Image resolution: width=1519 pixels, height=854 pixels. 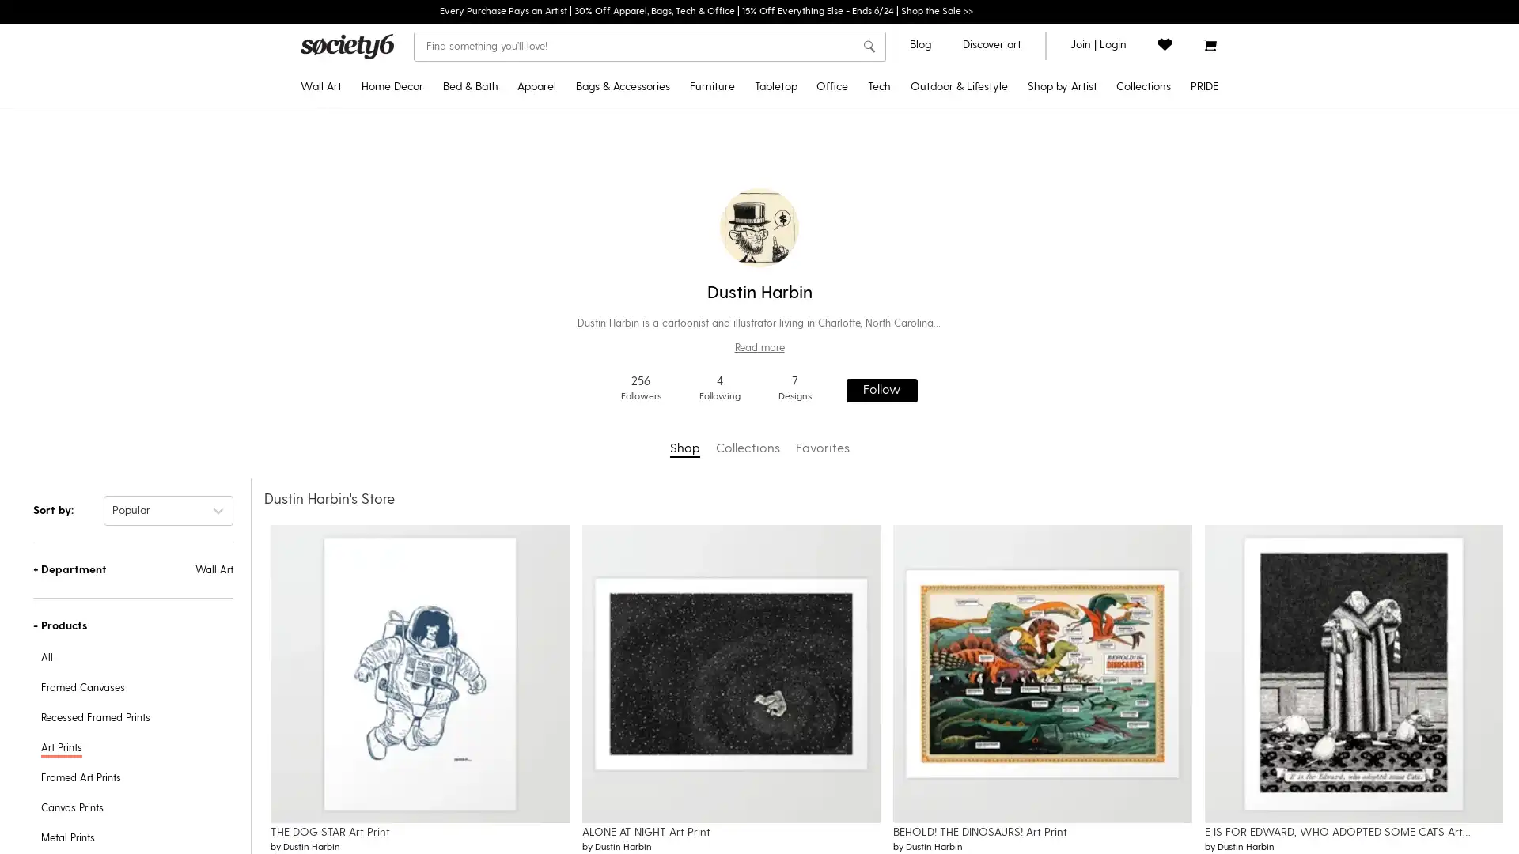 What do you see at coordinates (1085, 178) in the screenshot?
I see `2022 Home Decor Guide` at bounding box center [1085, 178].